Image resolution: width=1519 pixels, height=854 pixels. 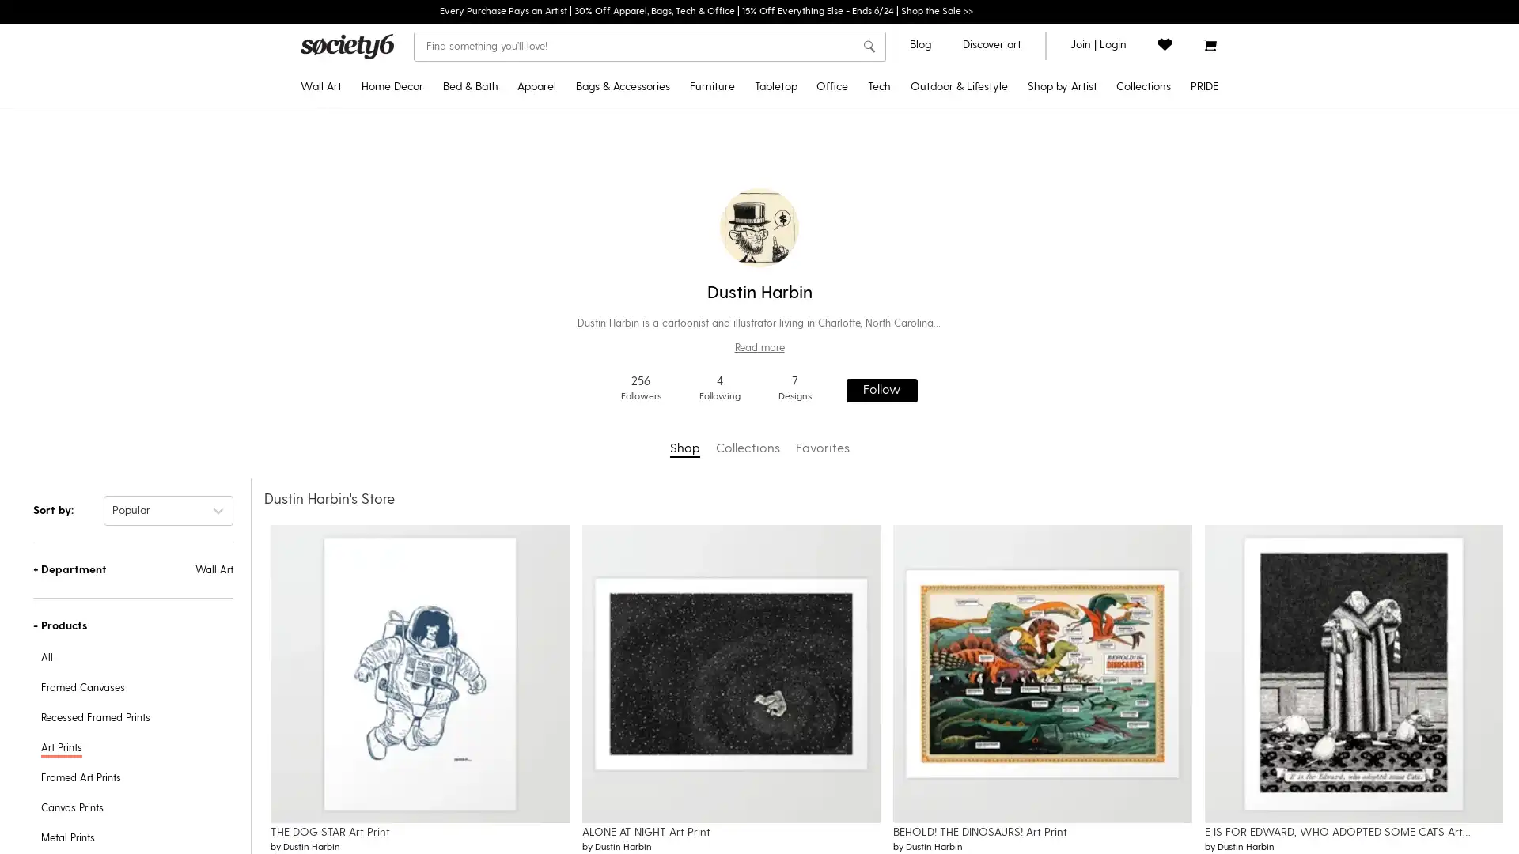 What do you see at coordinates (1085, 178) in the screenshot?
I see `2022 Home Decor Guide` at bounding box center [1085, 178].